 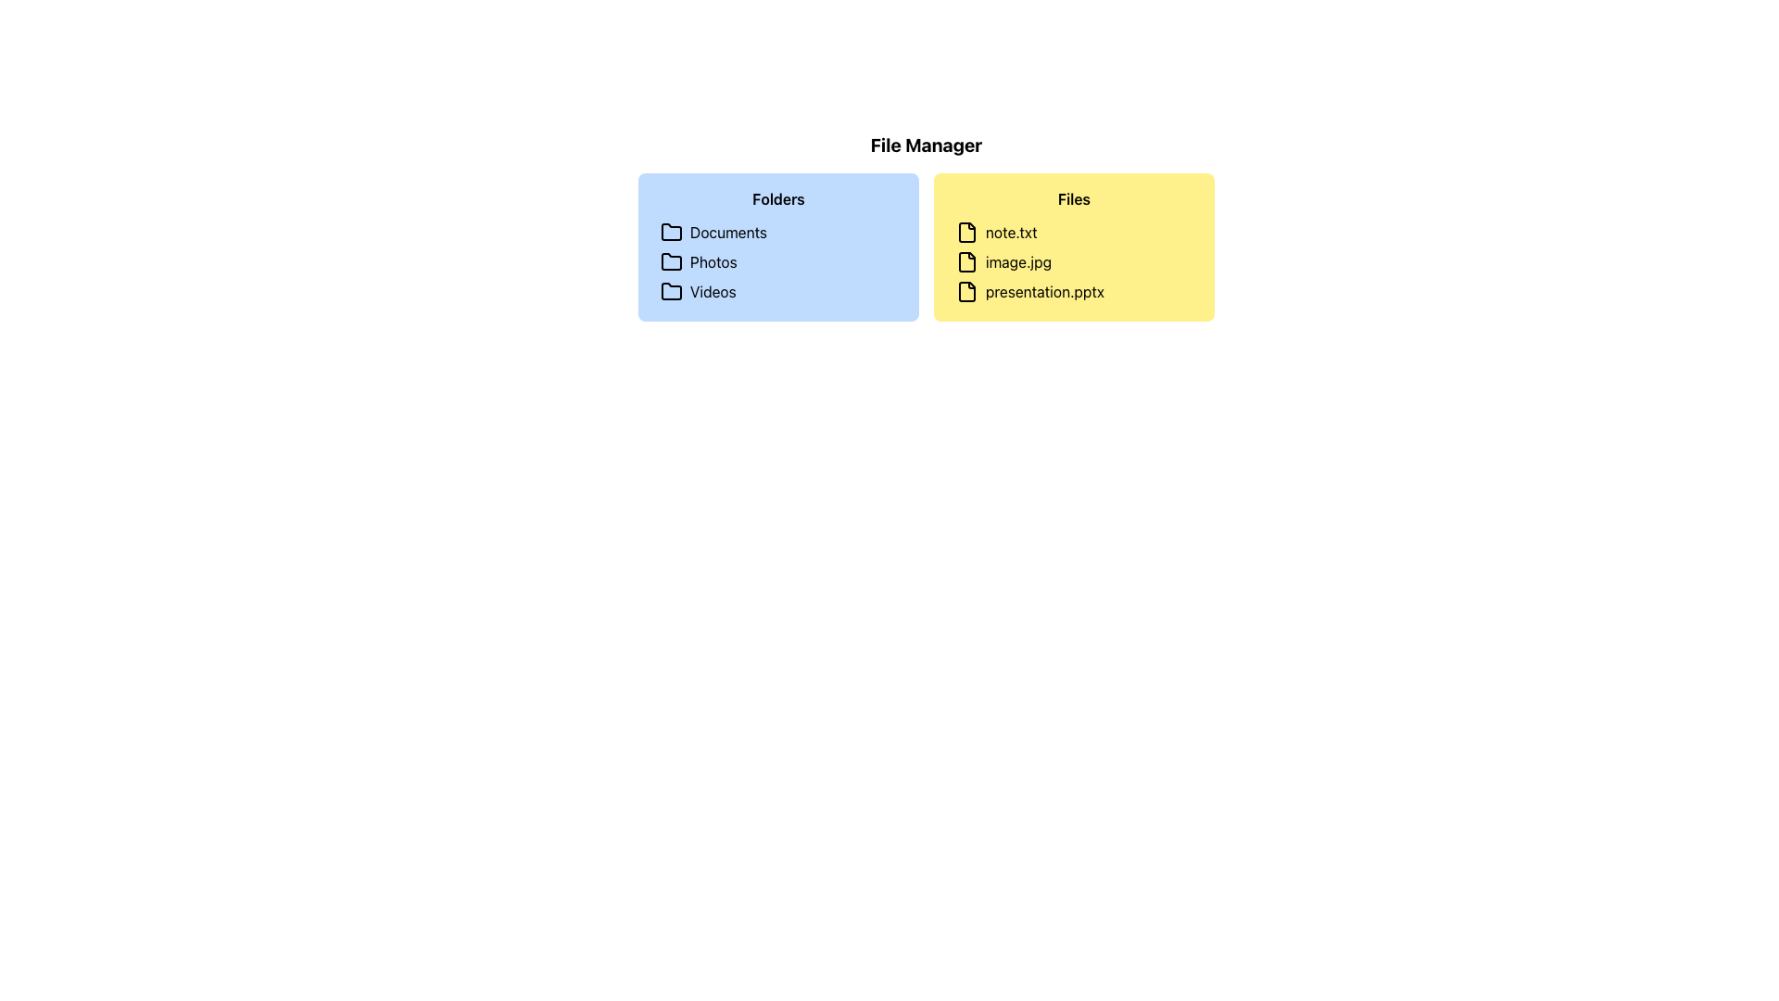 What do you see at coordinates (965, 231) in the screenshot?
I see `the first file icon in the 'Files' section of the file manager UI, which is represented by a yellow document shape with a folded top-right corner` at bounding box center [965, 231].